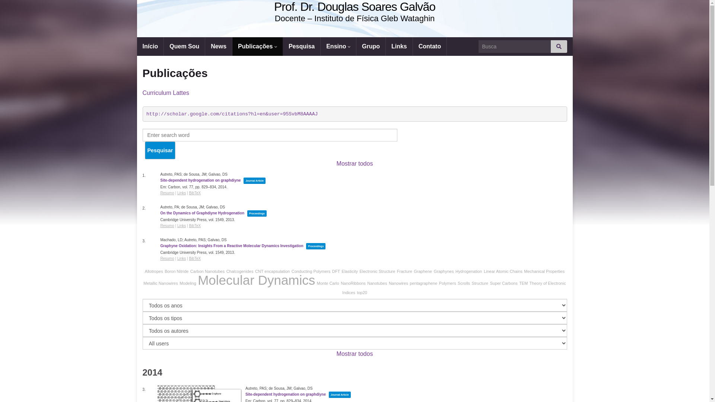  I want to click on 'Conducting Polymers', so click(311, 271).